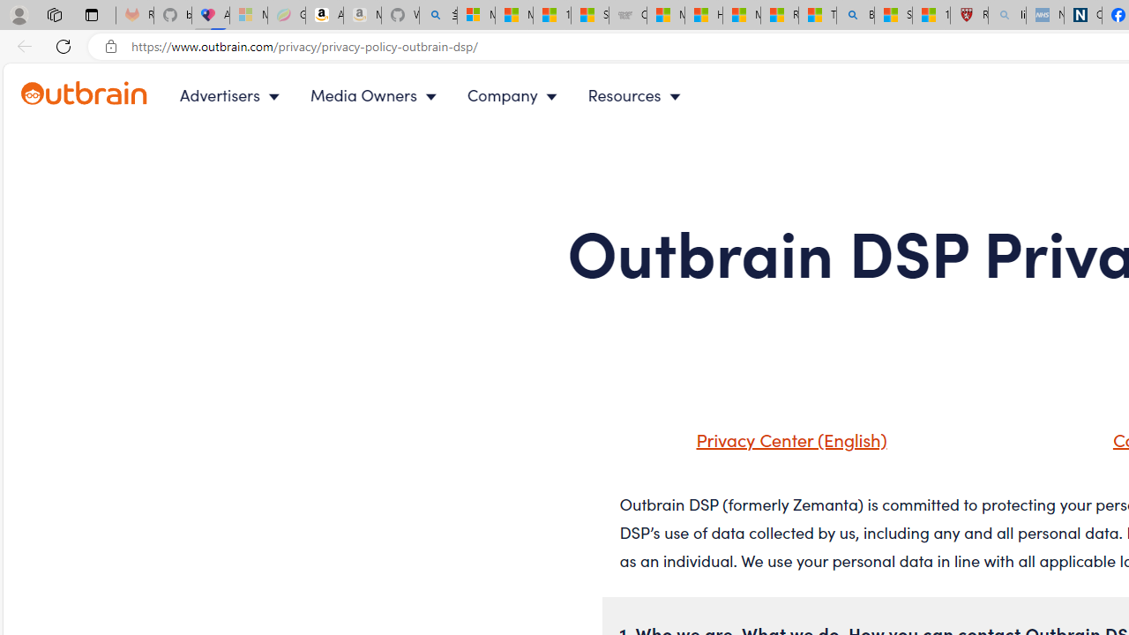 The width and height of the screenshot is (1129, 635). Describe the element at coordinates (786, 437) in the screenshot. I see `'Privacy Center (English)'` at that location.